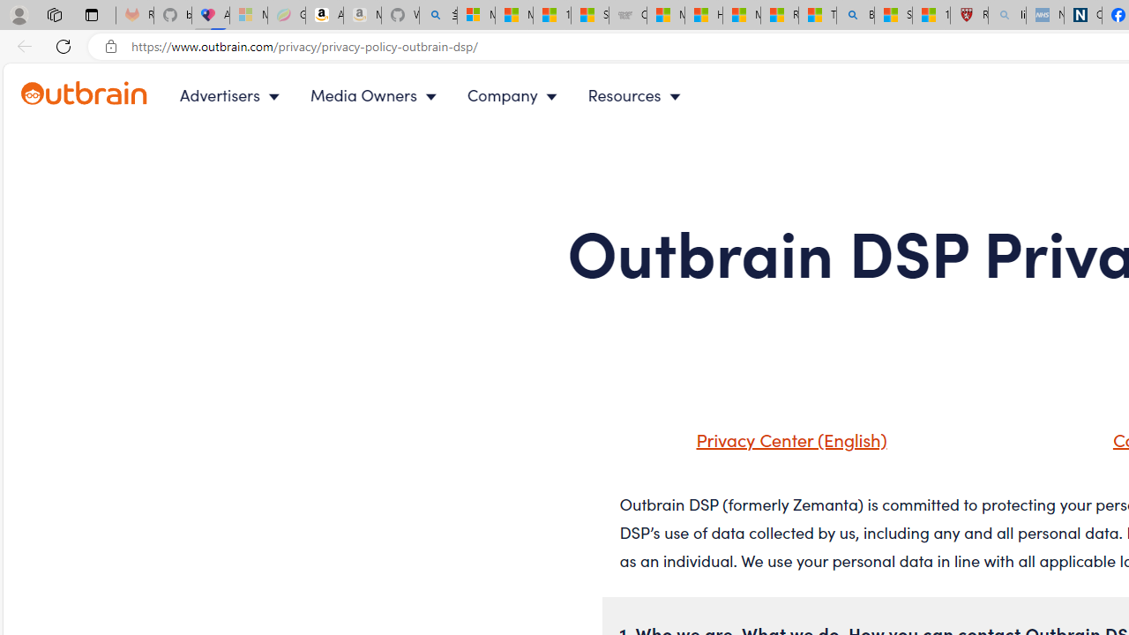 The width and height of the screenshot is (1129, 635). Describe the element at coordinates (786, 437) in the screenshot. I see `'Privacy Center (English)'` at that location.